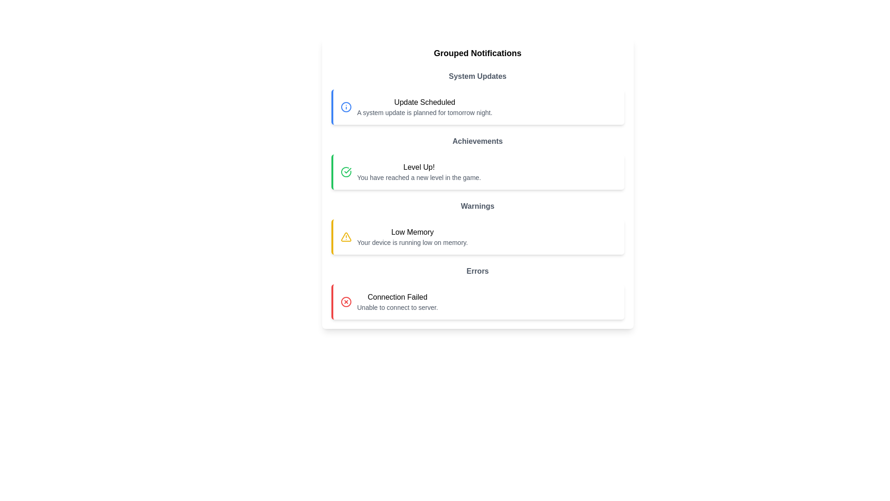  What do you see at coordinates (345, 107) in the screenshot?
I see `the circular graphical icon in the top-left corner of the 'System Updates' notification section, which is part of a blue-bordered entry titled 'Update Scheduled'` at bounding box center [345, 107].